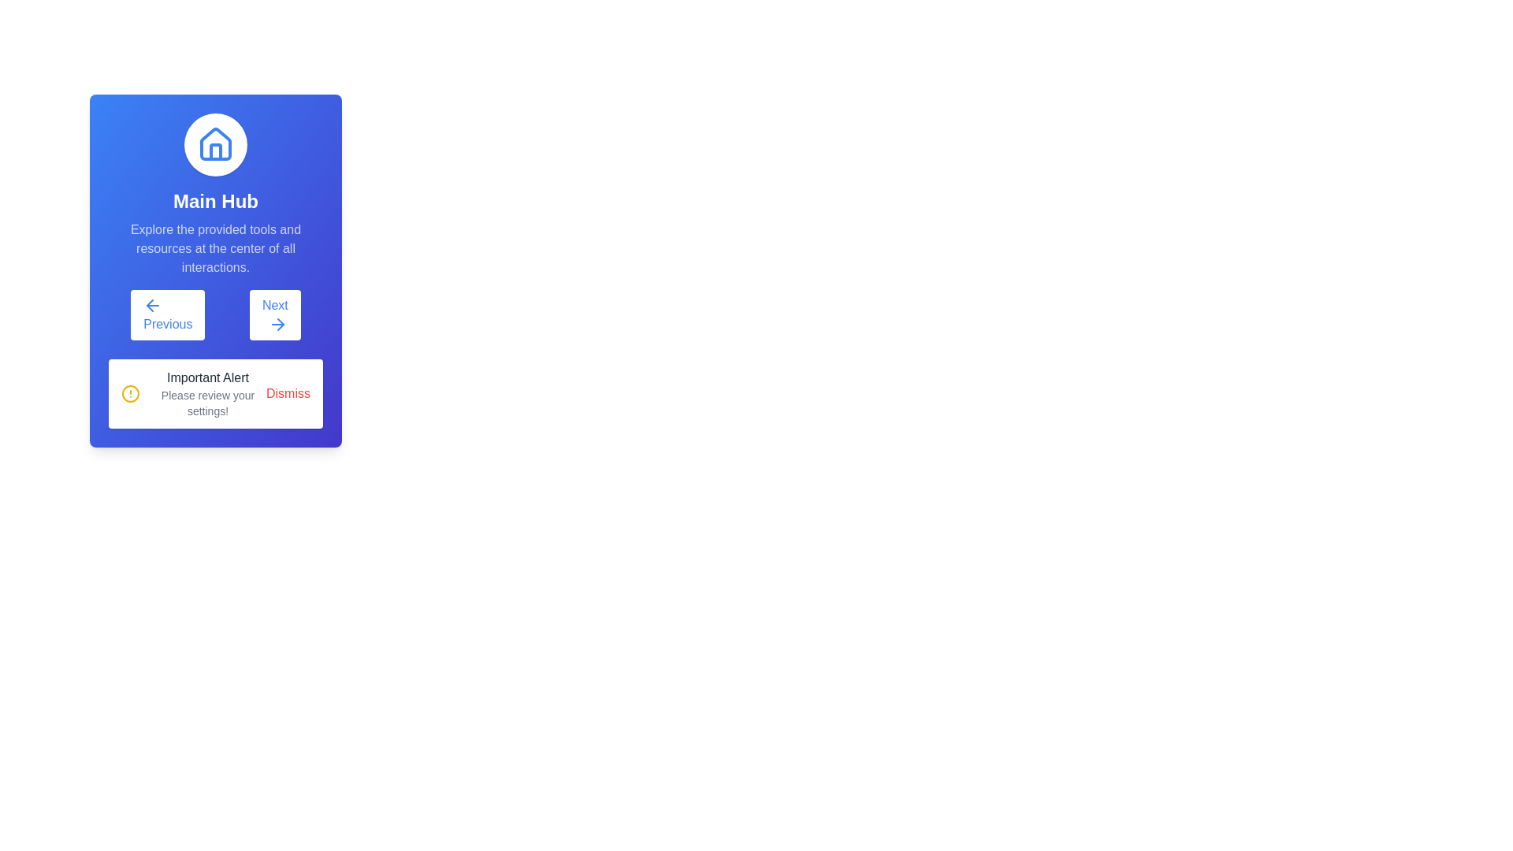 The height and width of the screenshot is (851, 1513). I want to click on the navigation button labeled 'Previous' which has a white background, rounded corners, and a blue arrow followed by the text 'Previous', so click(168, 315).